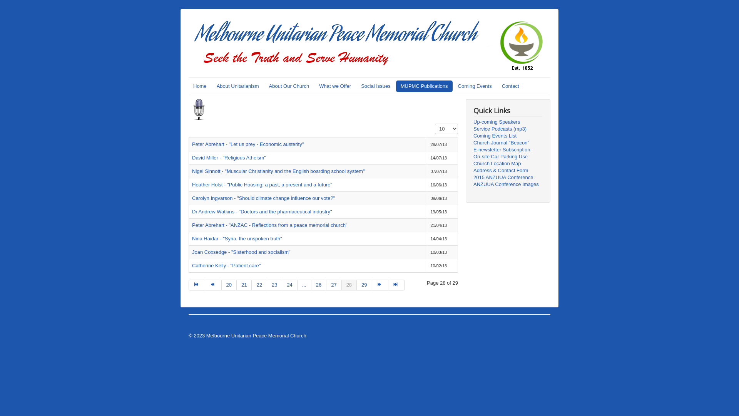 This screenshot has width=739, height=416. Describe the element at coordinates (508, 143) in the screenshot. I see `'Church Journal "Beacon"'` at that location.